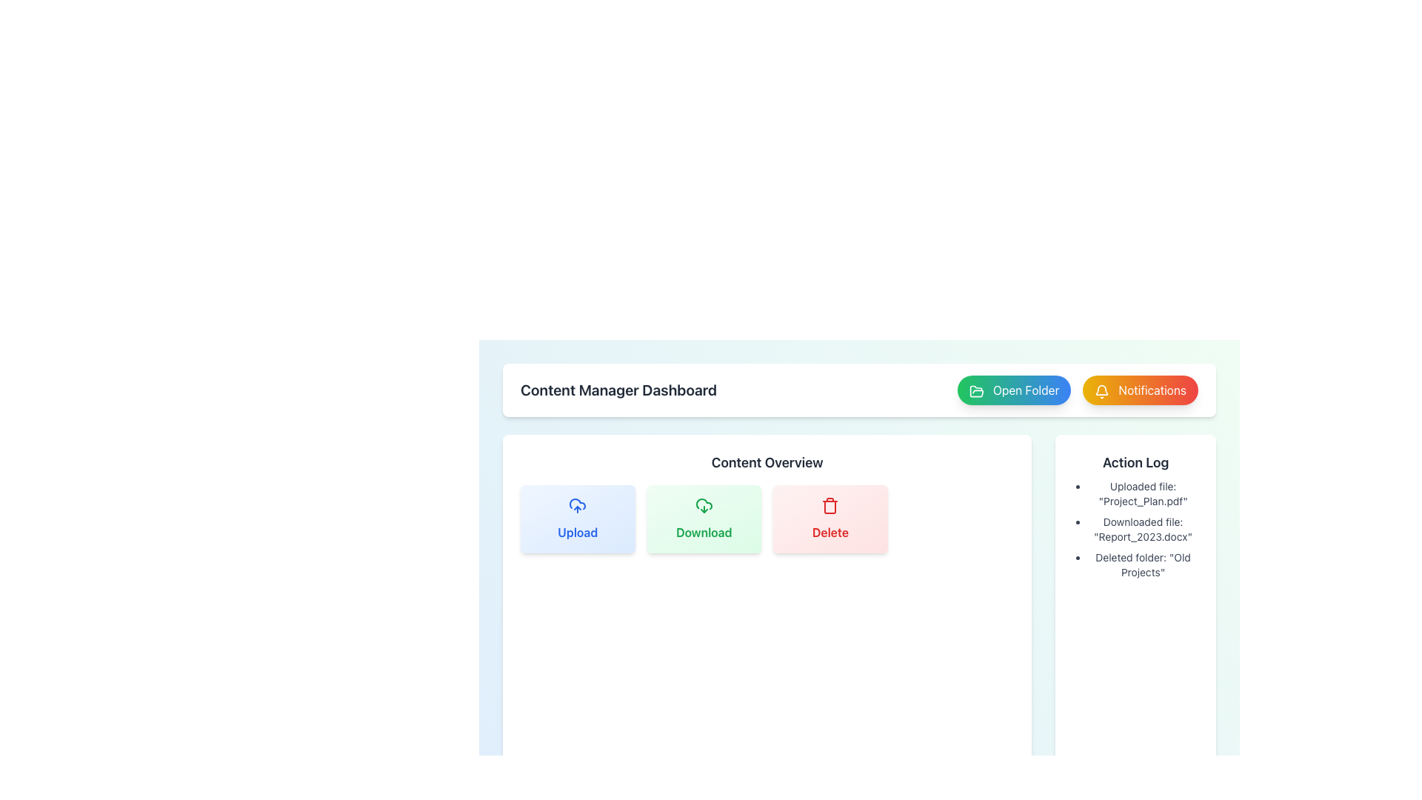  I want to click on the download icon, which is a cloud with a downward arrow, located at the center of the green 'Download' button in the 'Content Overview' section, so click(703, 504).